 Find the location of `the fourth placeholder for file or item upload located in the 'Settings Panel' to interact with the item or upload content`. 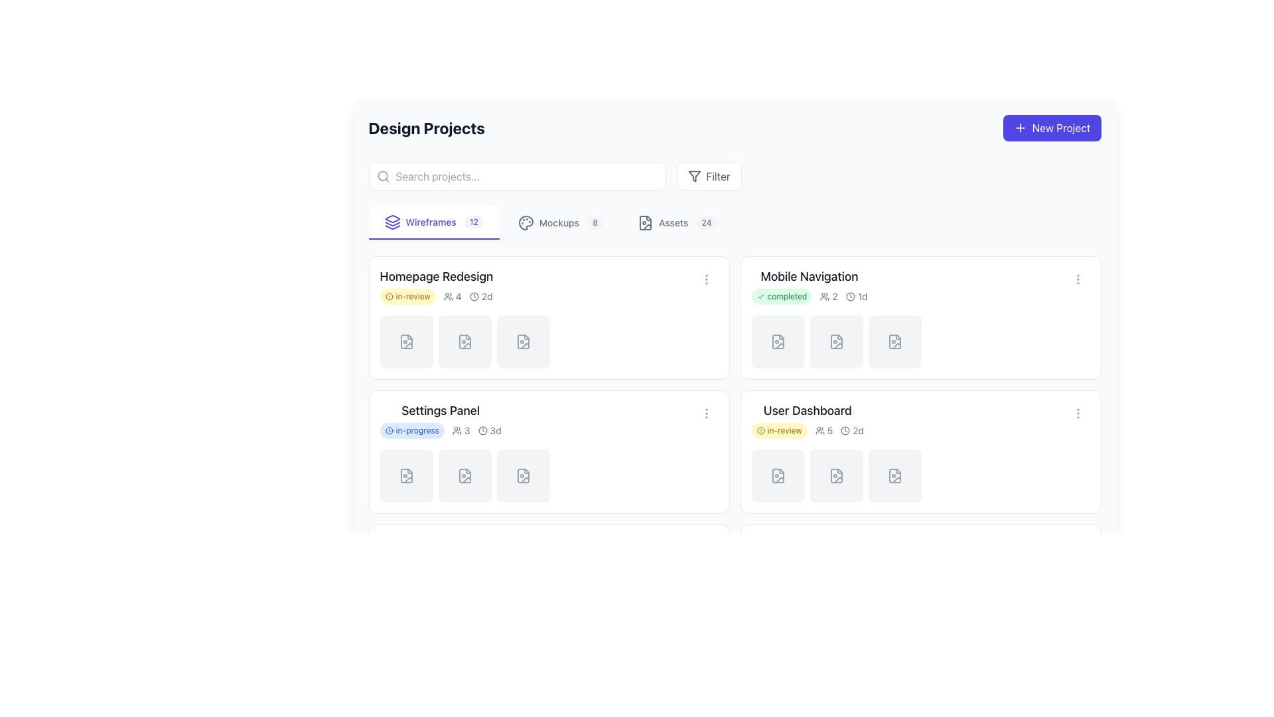

the fourth placeholder for file or item upload located in the 'Settings Panel' to interact with the item or upload content is located at coordinates (549, 475).